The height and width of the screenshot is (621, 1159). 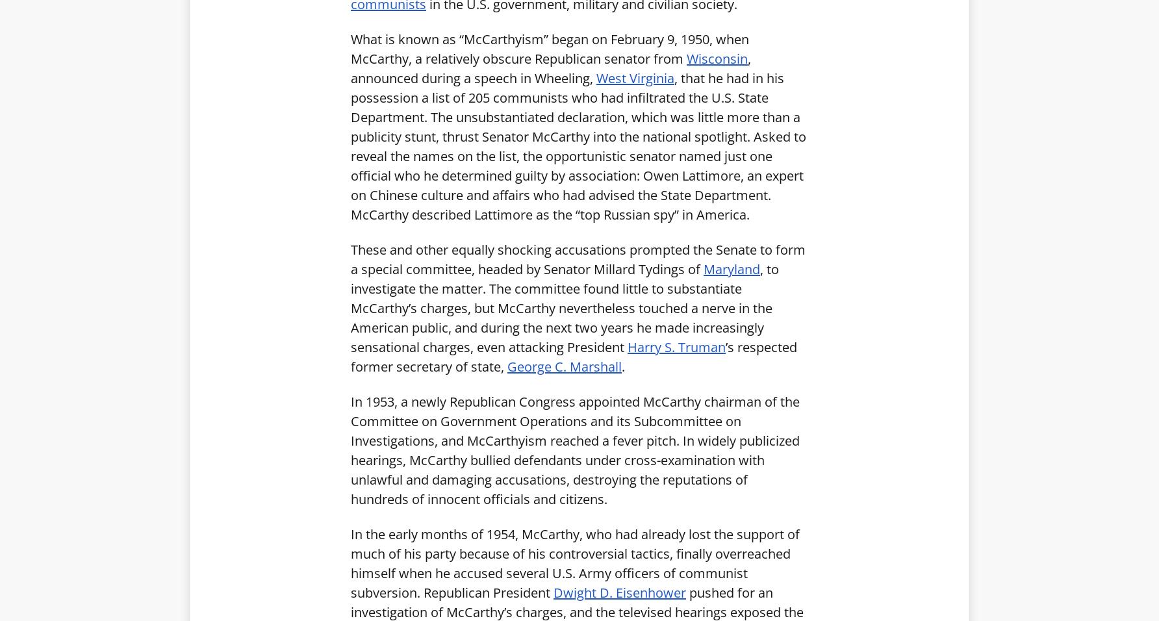 I want to click on ', that he had in his possession a list of 205 communists who had infiltrated the U.S. State Department. The unsubstantiated declaration, which was little more than a publicity stunt, thrust Senator McCarthy into the national spotlight. Asked to reveal the names on the list, the opportunistic senator named just one official who he determined guilty by association: Owen Lattimore, an expert on Chinese culture and affairs who had advised the State Department. McCarthy described Lattimore as the “top Russian spy” in America.', so click(x=578, y=146).